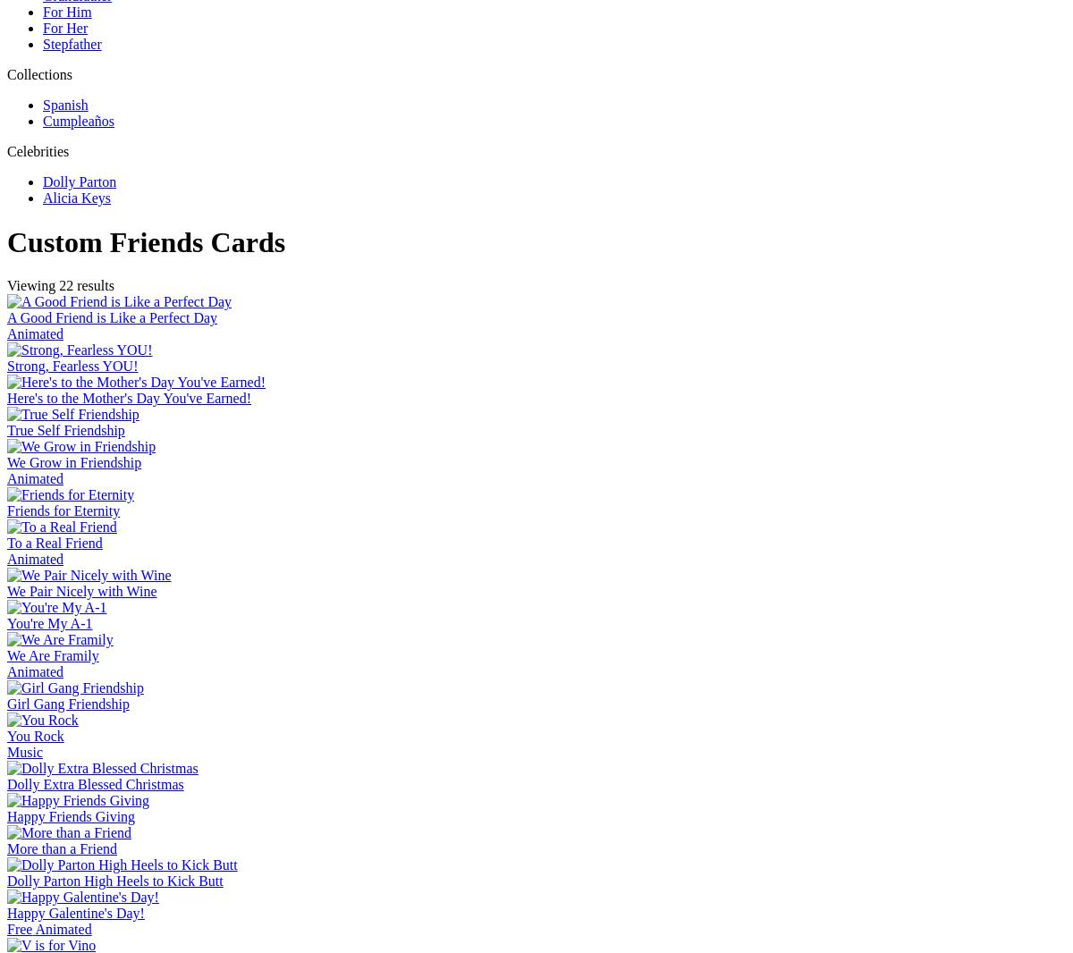  I want to click on 'Music', so click(24, 752).